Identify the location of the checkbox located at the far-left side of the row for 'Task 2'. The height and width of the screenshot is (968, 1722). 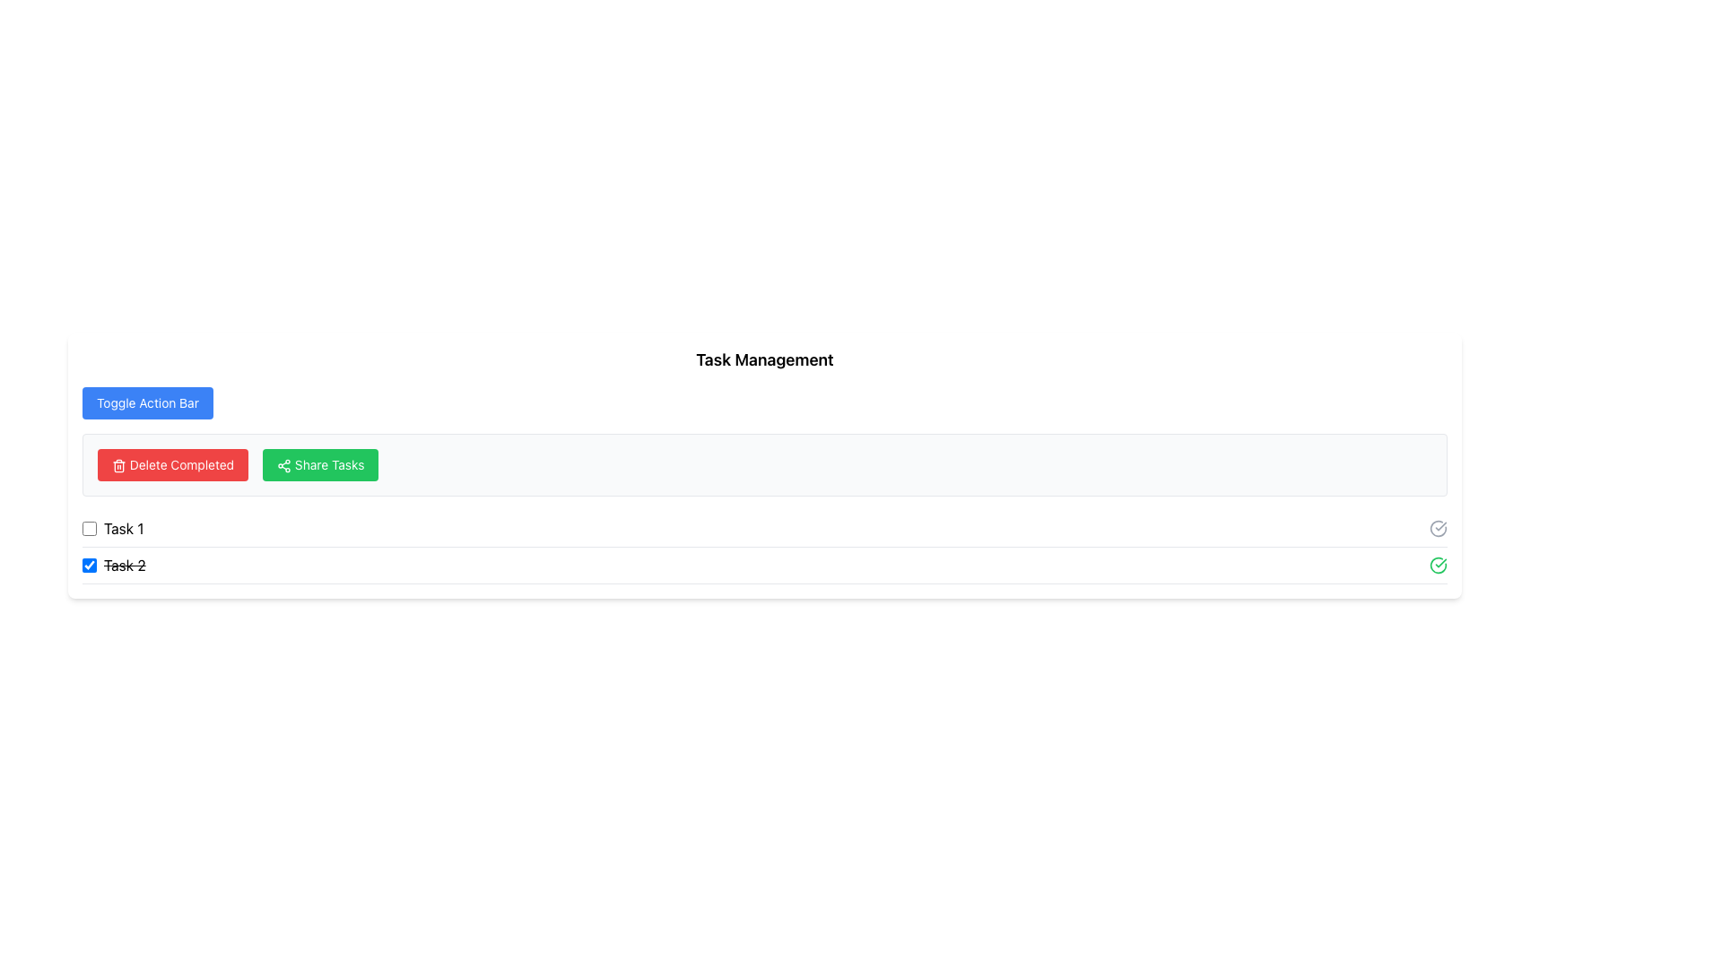
(89, 566).